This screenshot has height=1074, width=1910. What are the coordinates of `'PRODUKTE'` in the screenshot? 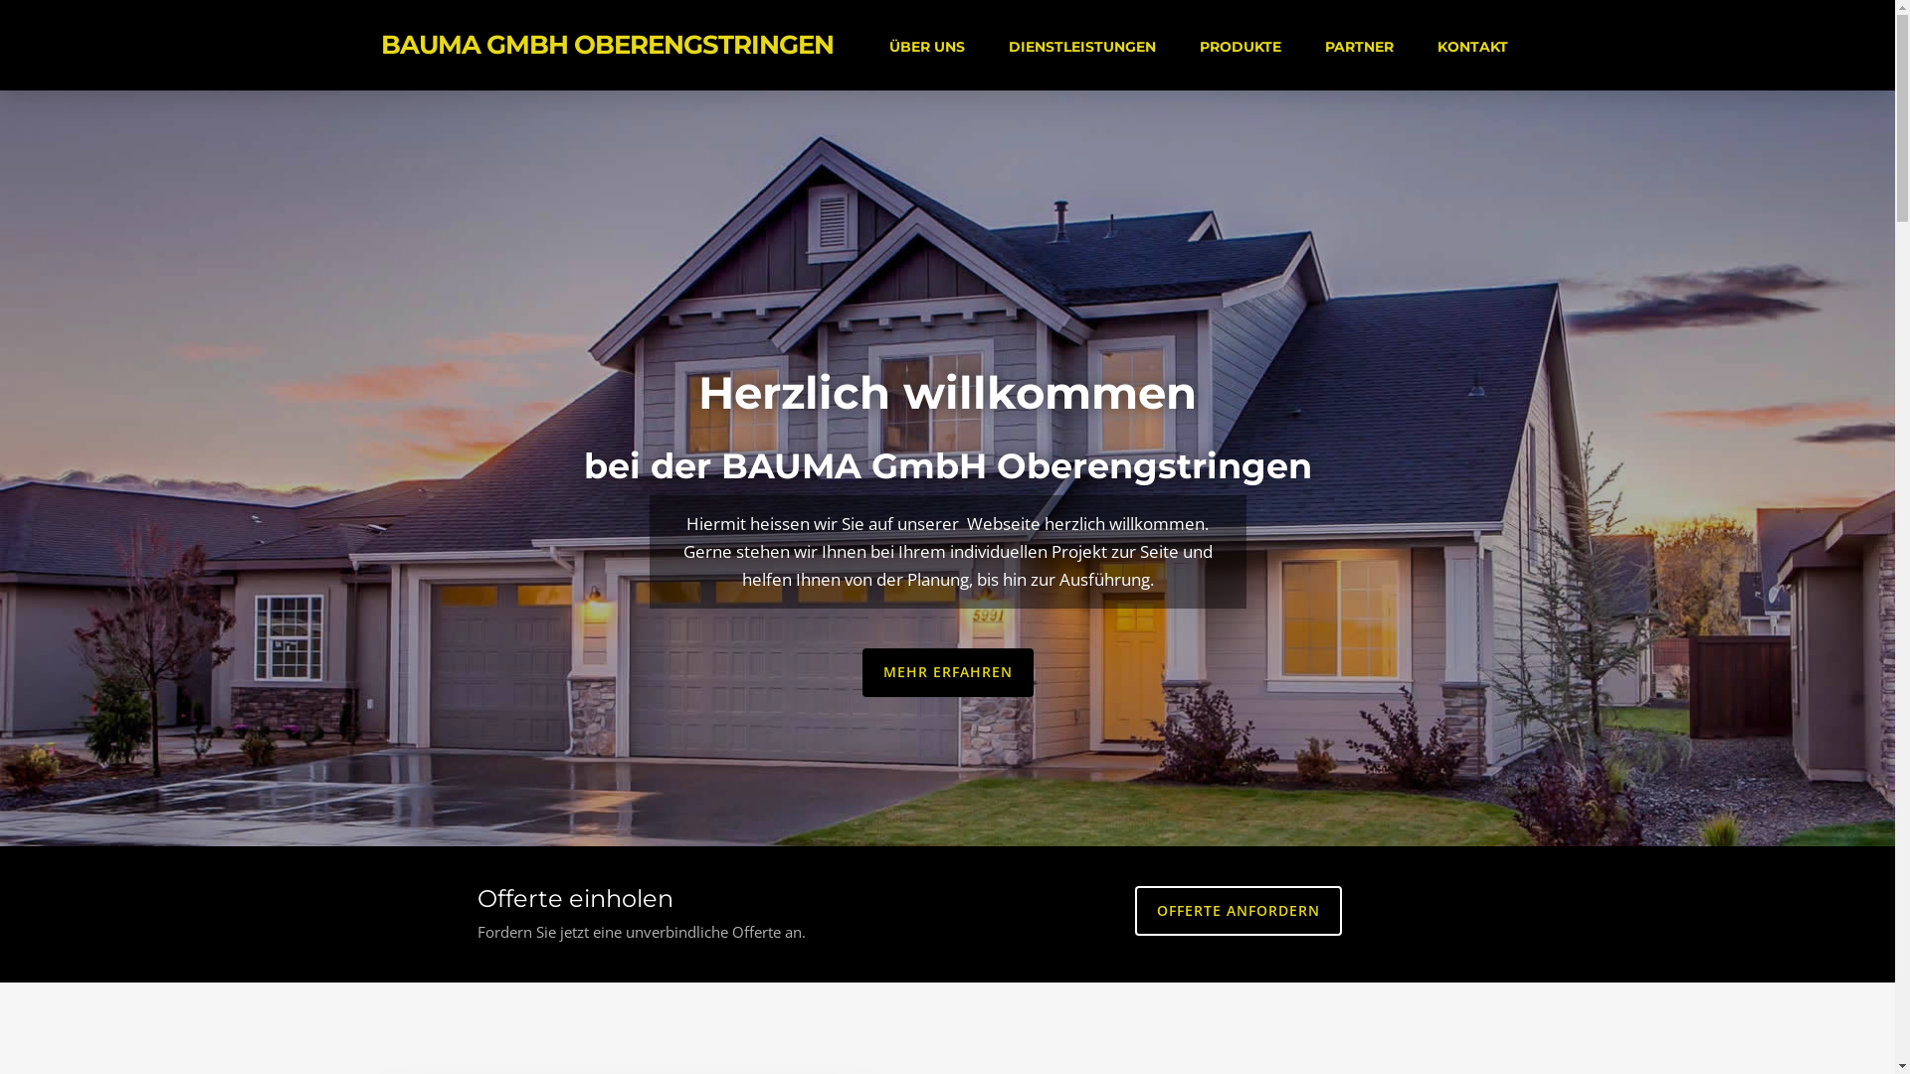 It's located at (1240, 45).